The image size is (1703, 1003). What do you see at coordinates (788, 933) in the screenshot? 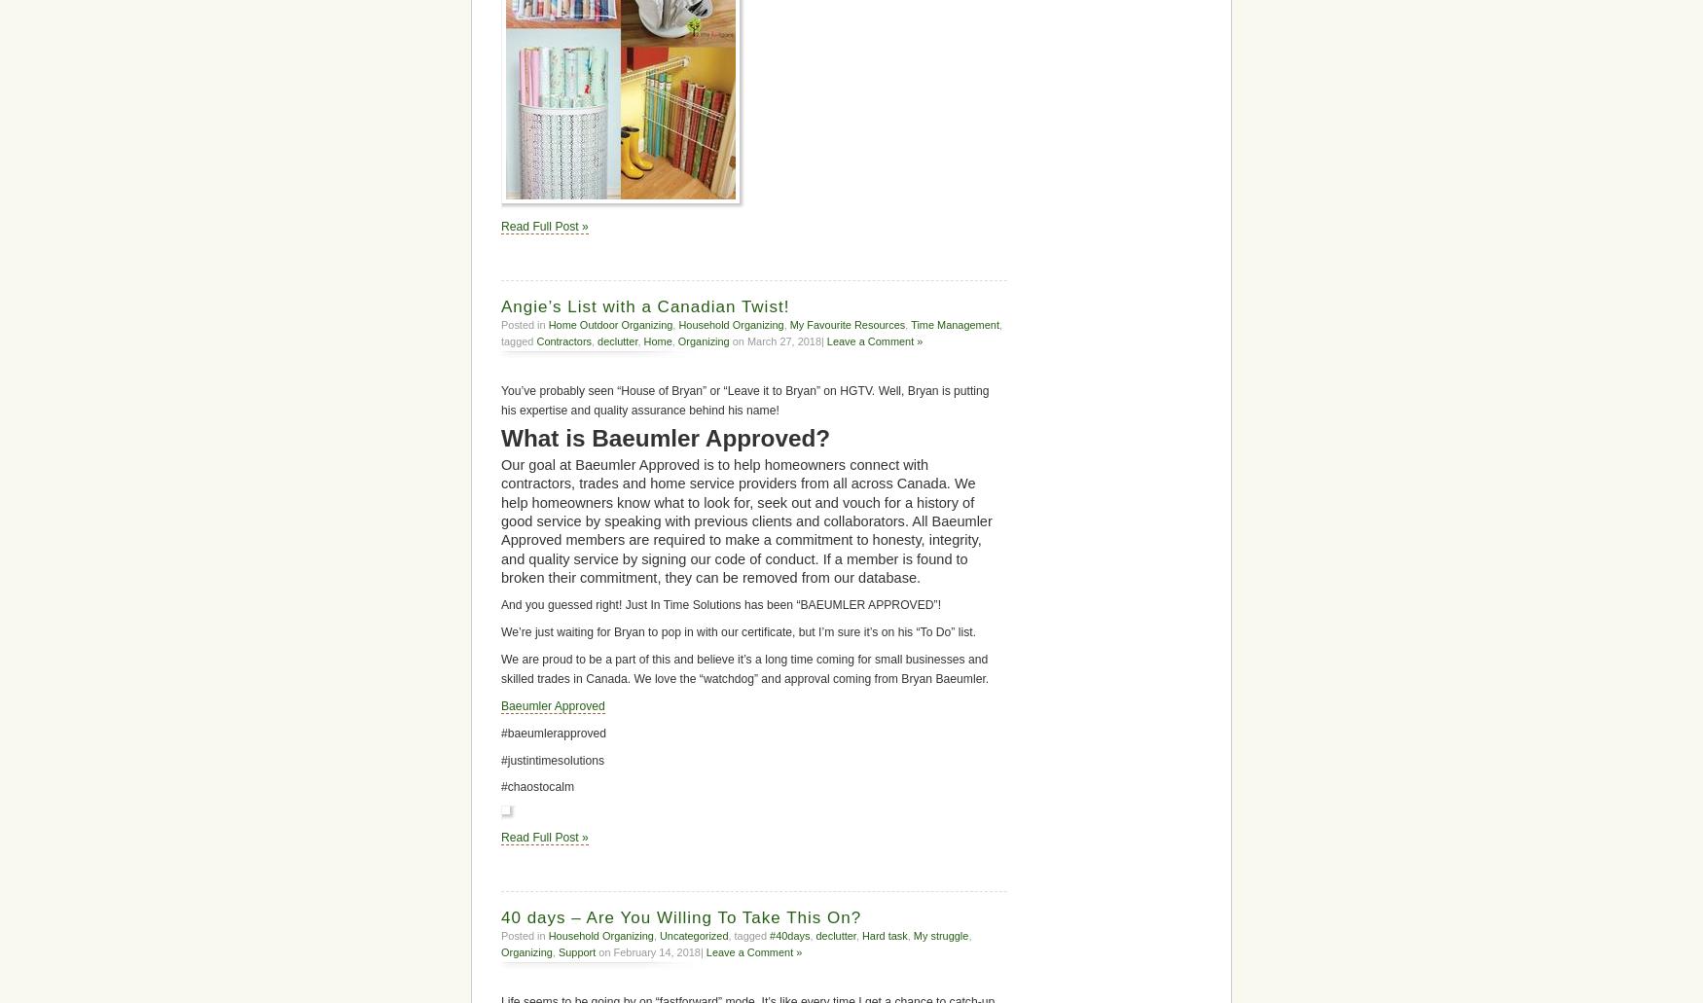
I see `'#40days'` at bounding box center [788, 933].